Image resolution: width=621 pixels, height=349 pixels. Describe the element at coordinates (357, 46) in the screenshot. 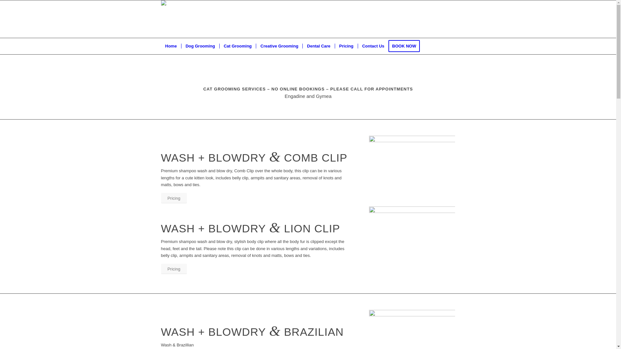

I see `'Contact Us'` at that location.